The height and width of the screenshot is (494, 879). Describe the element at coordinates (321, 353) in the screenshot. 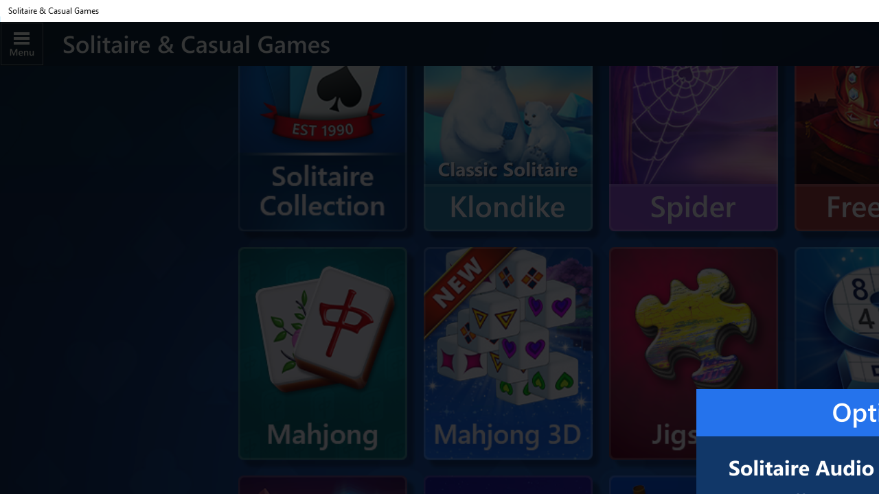

I see `'Microsoft Mahjong'` at that location.